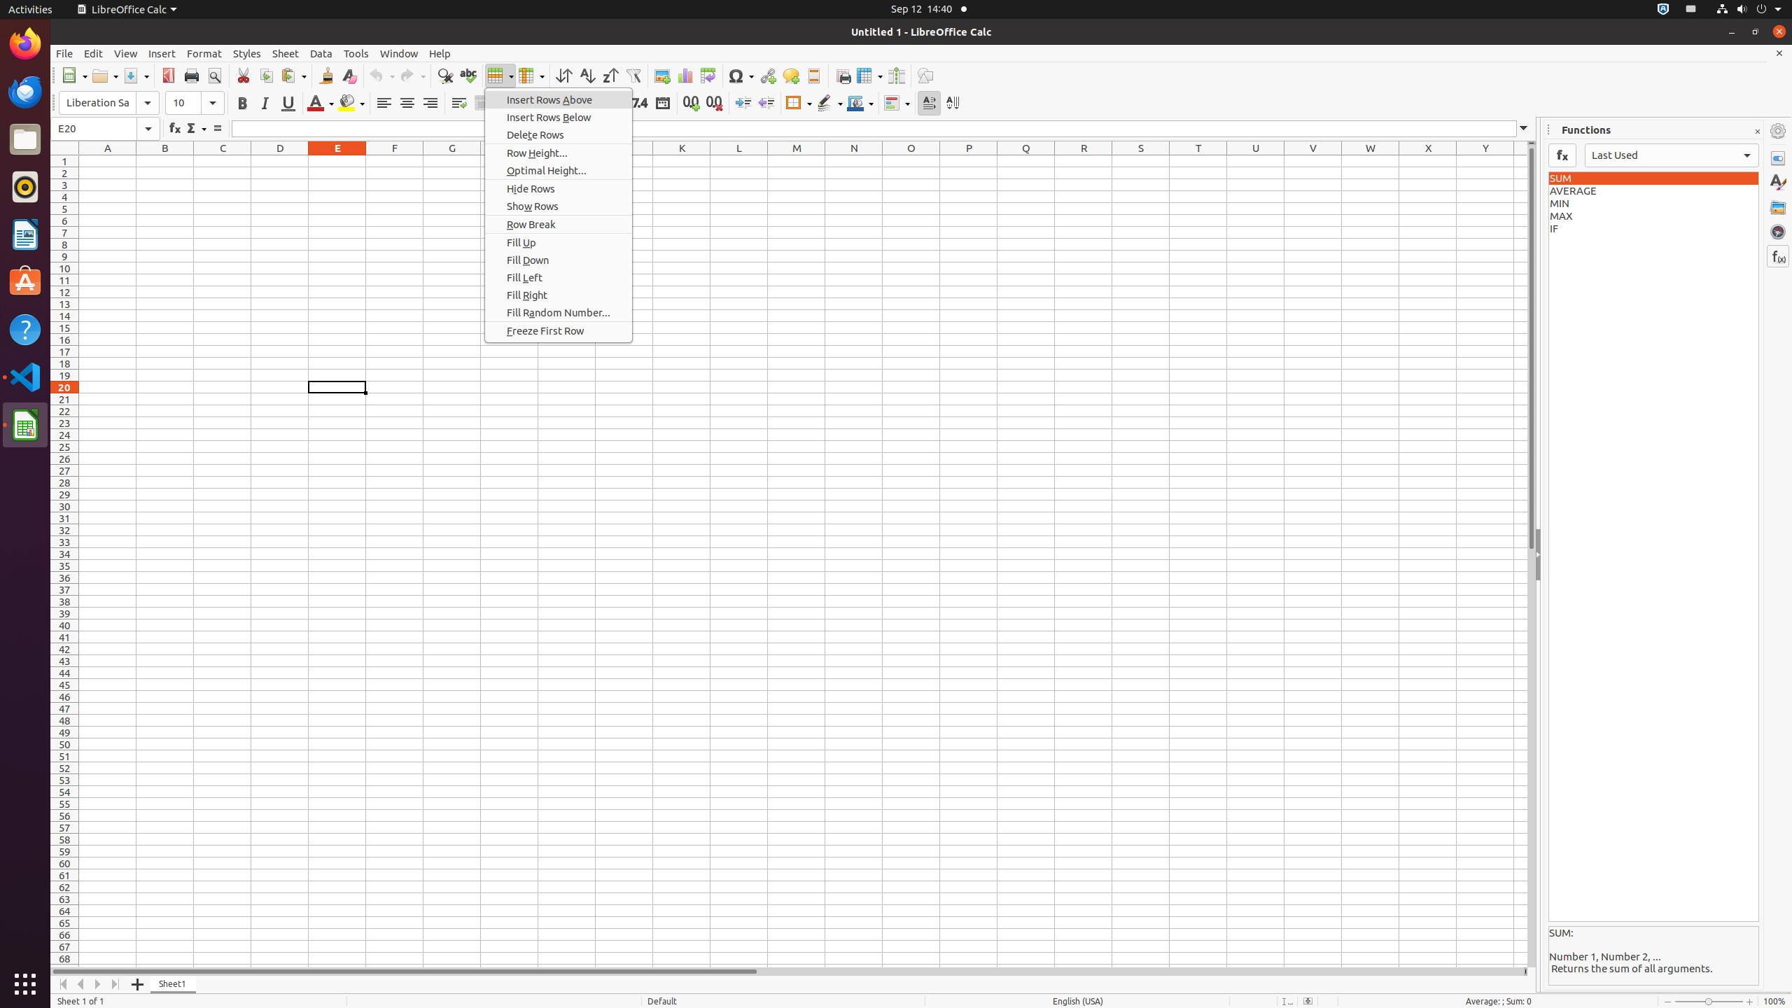 This screenshot has width=1792, height=1008. I want to click on ':1.72/StatusNotifierItem', so click(1662, 8).